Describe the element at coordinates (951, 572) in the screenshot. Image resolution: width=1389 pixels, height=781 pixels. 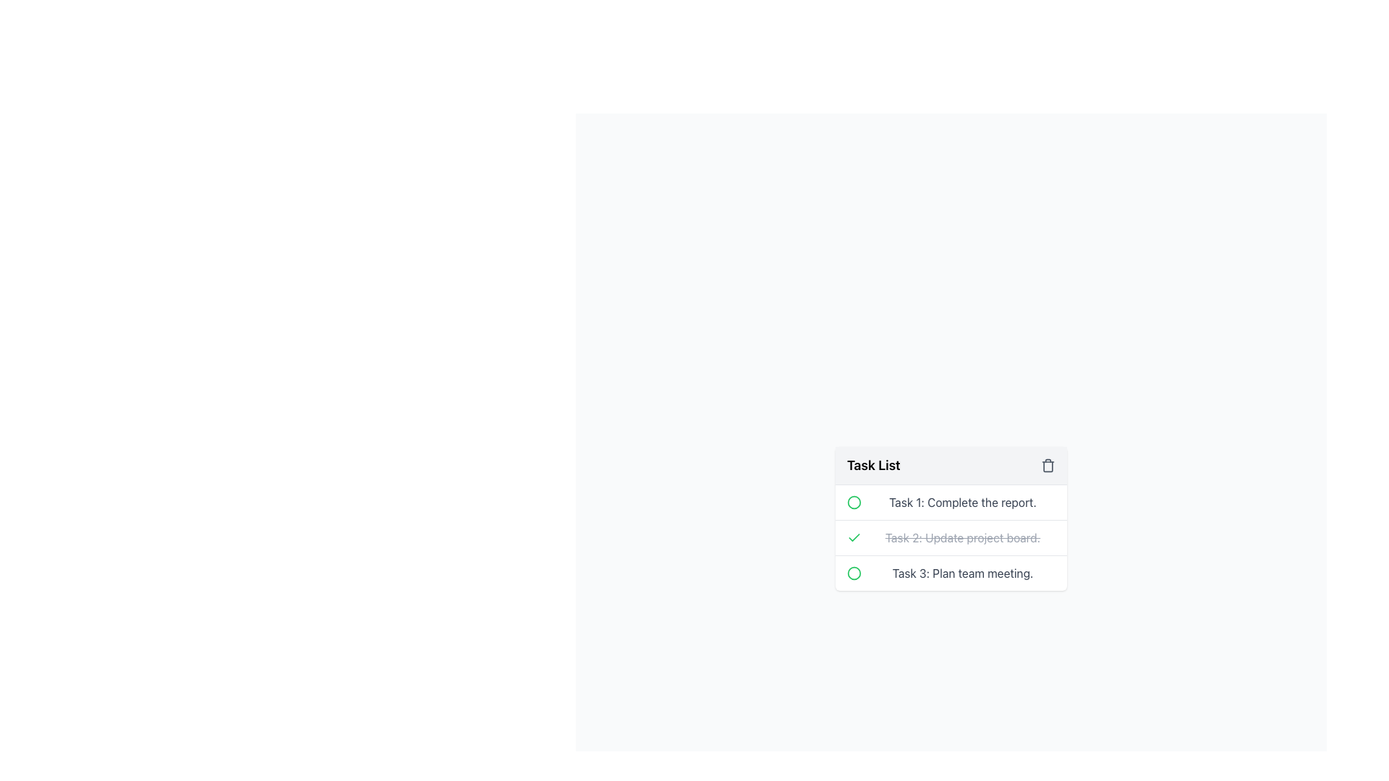
I see `the green circle of the third task in the to-do list to mark it as complete` at that location.